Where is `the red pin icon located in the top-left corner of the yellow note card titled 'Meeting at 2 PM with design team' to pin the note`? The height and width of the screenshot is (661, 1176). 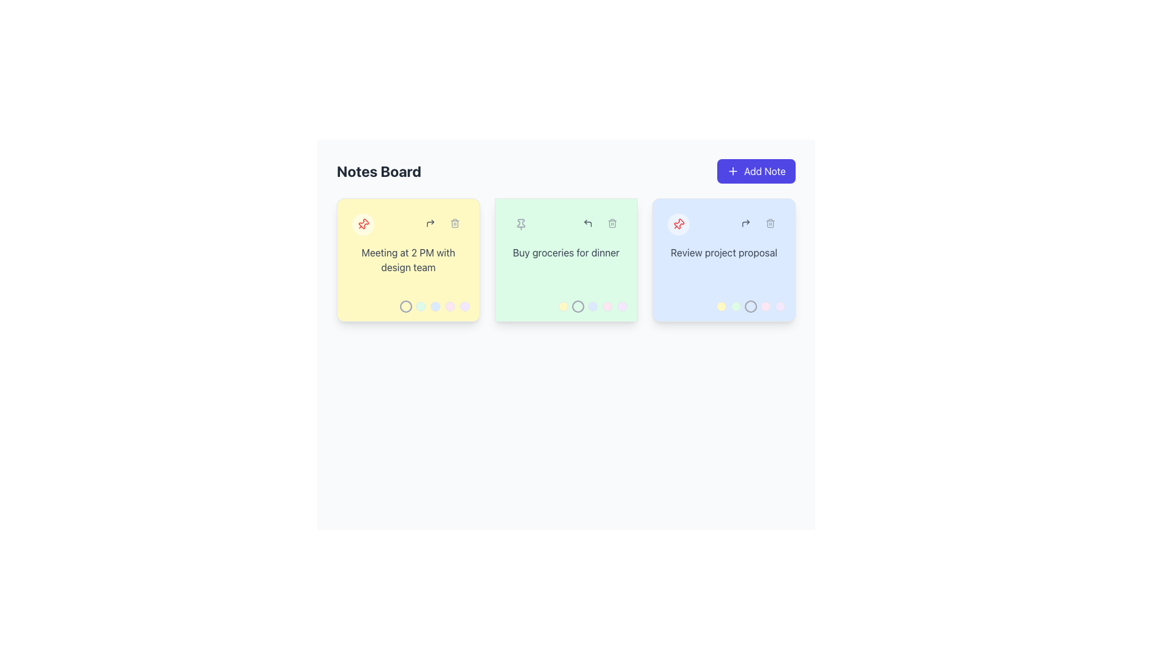
the red pin icon located in the top-left corner of the yellow note card titled 'Meeting at 2 PM with design team' to pin the note is located at coordinates (363, 224).